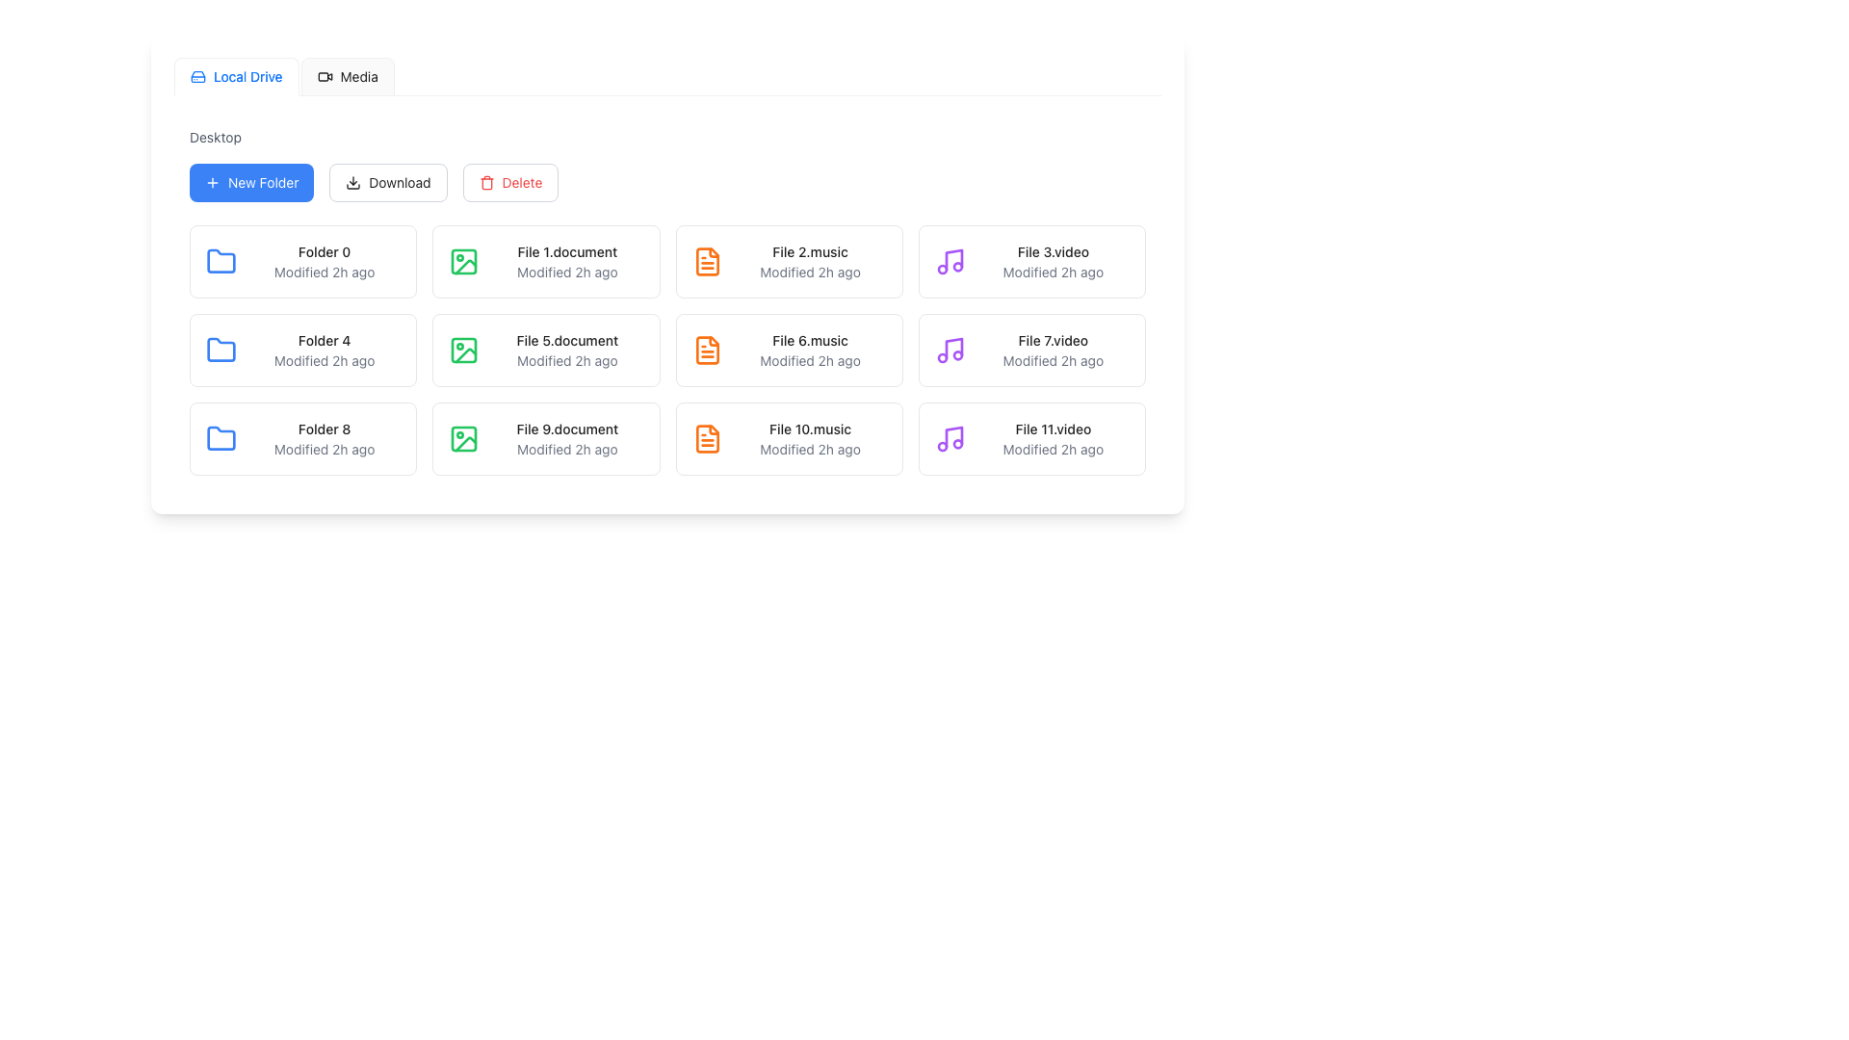 The height and width of the screenshot is (1040, 1849). Describe the element at coordinates (706, 262) in the screenshot. I see `other parts of the group associated with the music file icon located in the second row, second column of the grid layout` at that location.